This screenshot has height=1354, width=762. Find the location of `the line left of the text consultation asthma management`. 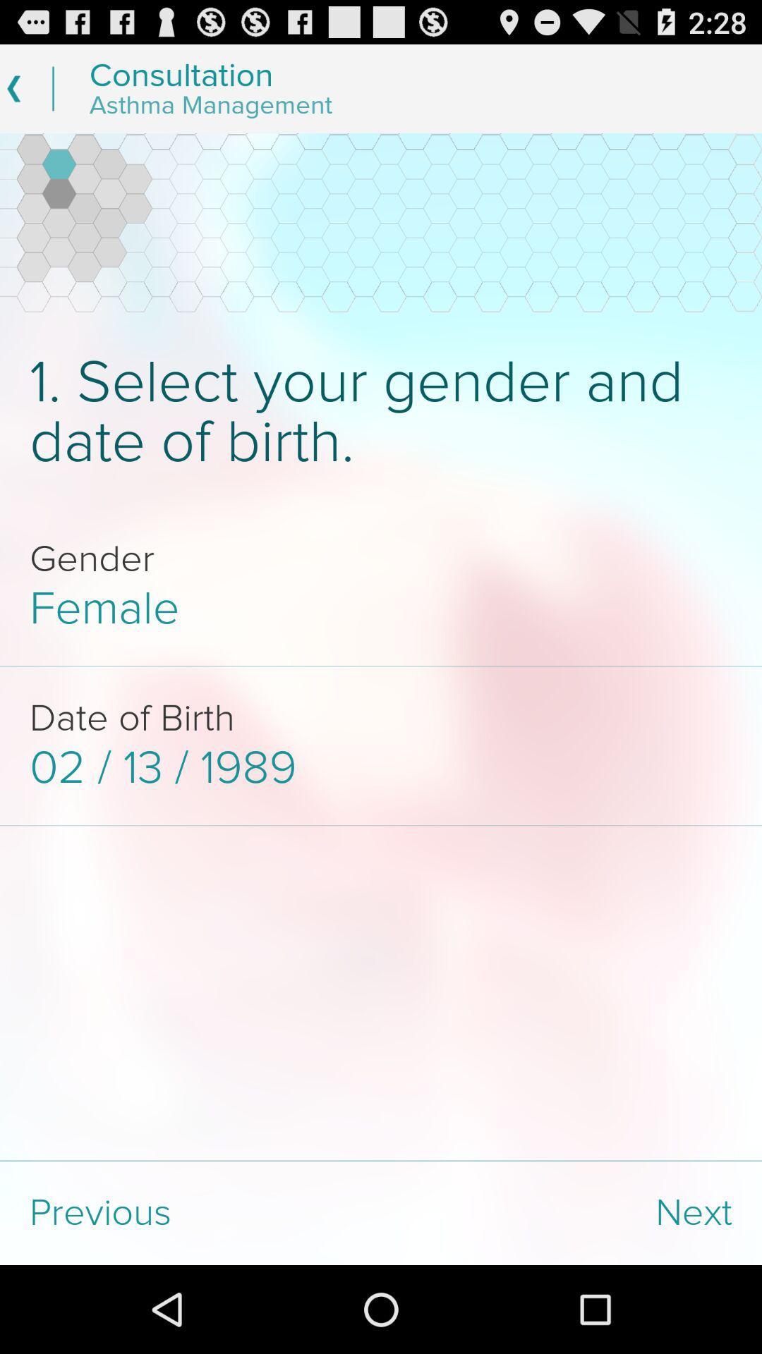

the line left of the text consultation asthma management is located at coordinates (51, 87).